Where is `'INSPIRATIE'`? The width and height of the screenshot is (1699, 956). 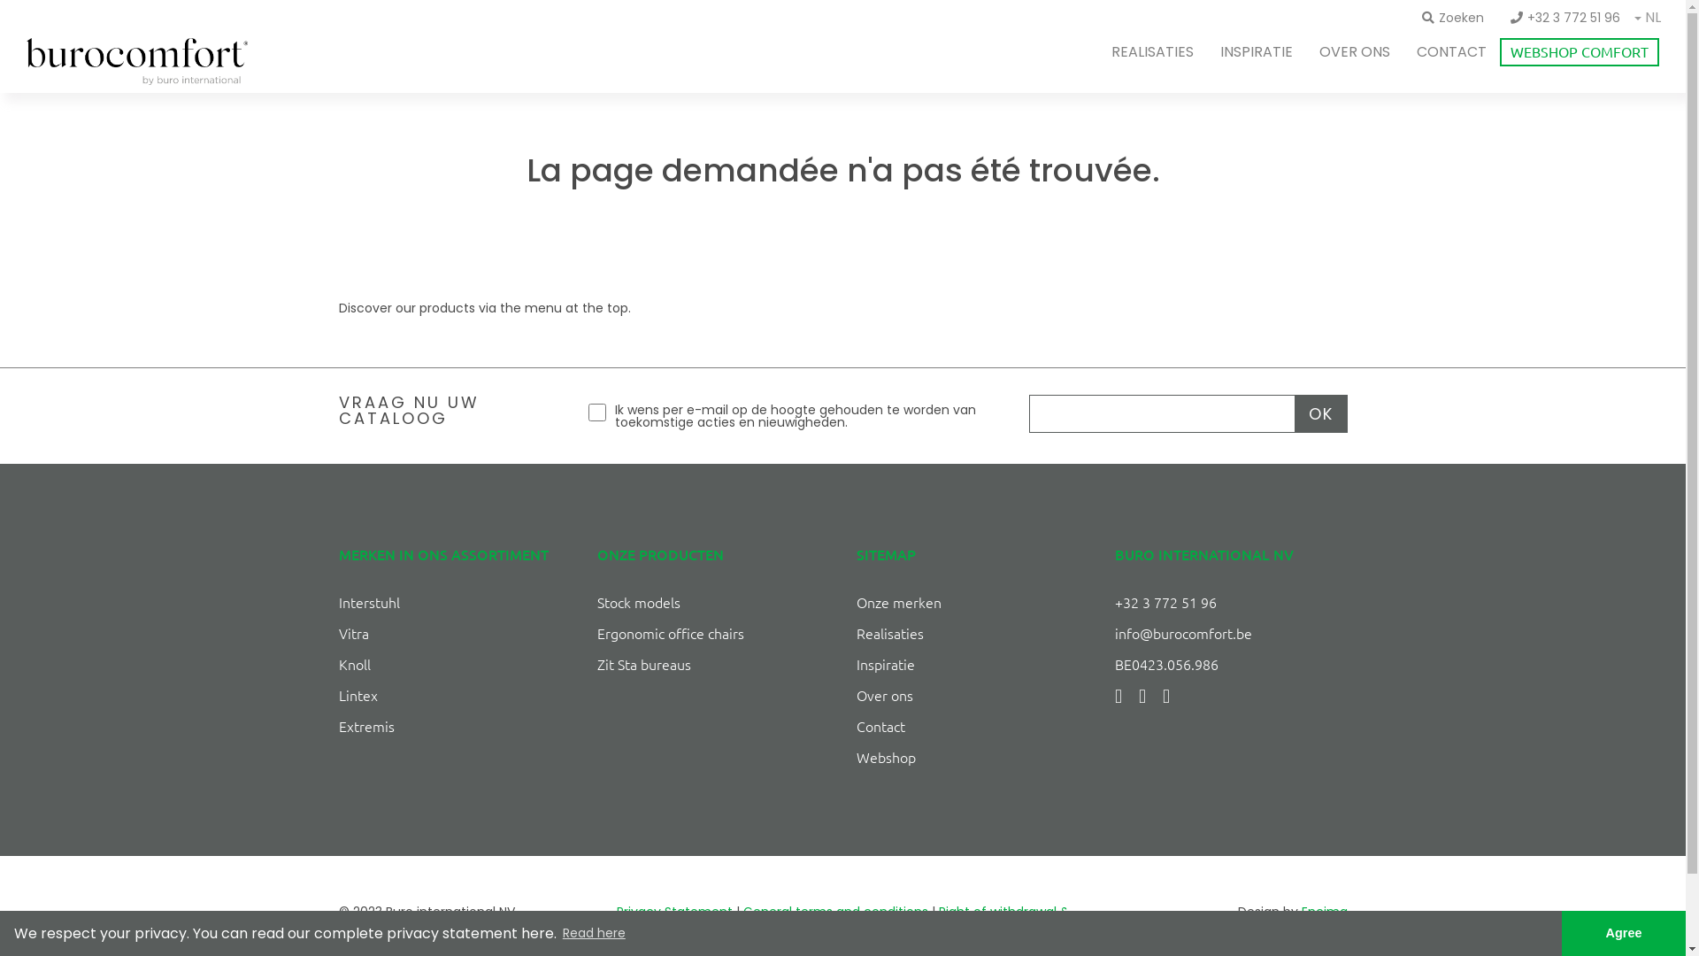
'INSPIRATIE' is located at coordinates (1256, 50).